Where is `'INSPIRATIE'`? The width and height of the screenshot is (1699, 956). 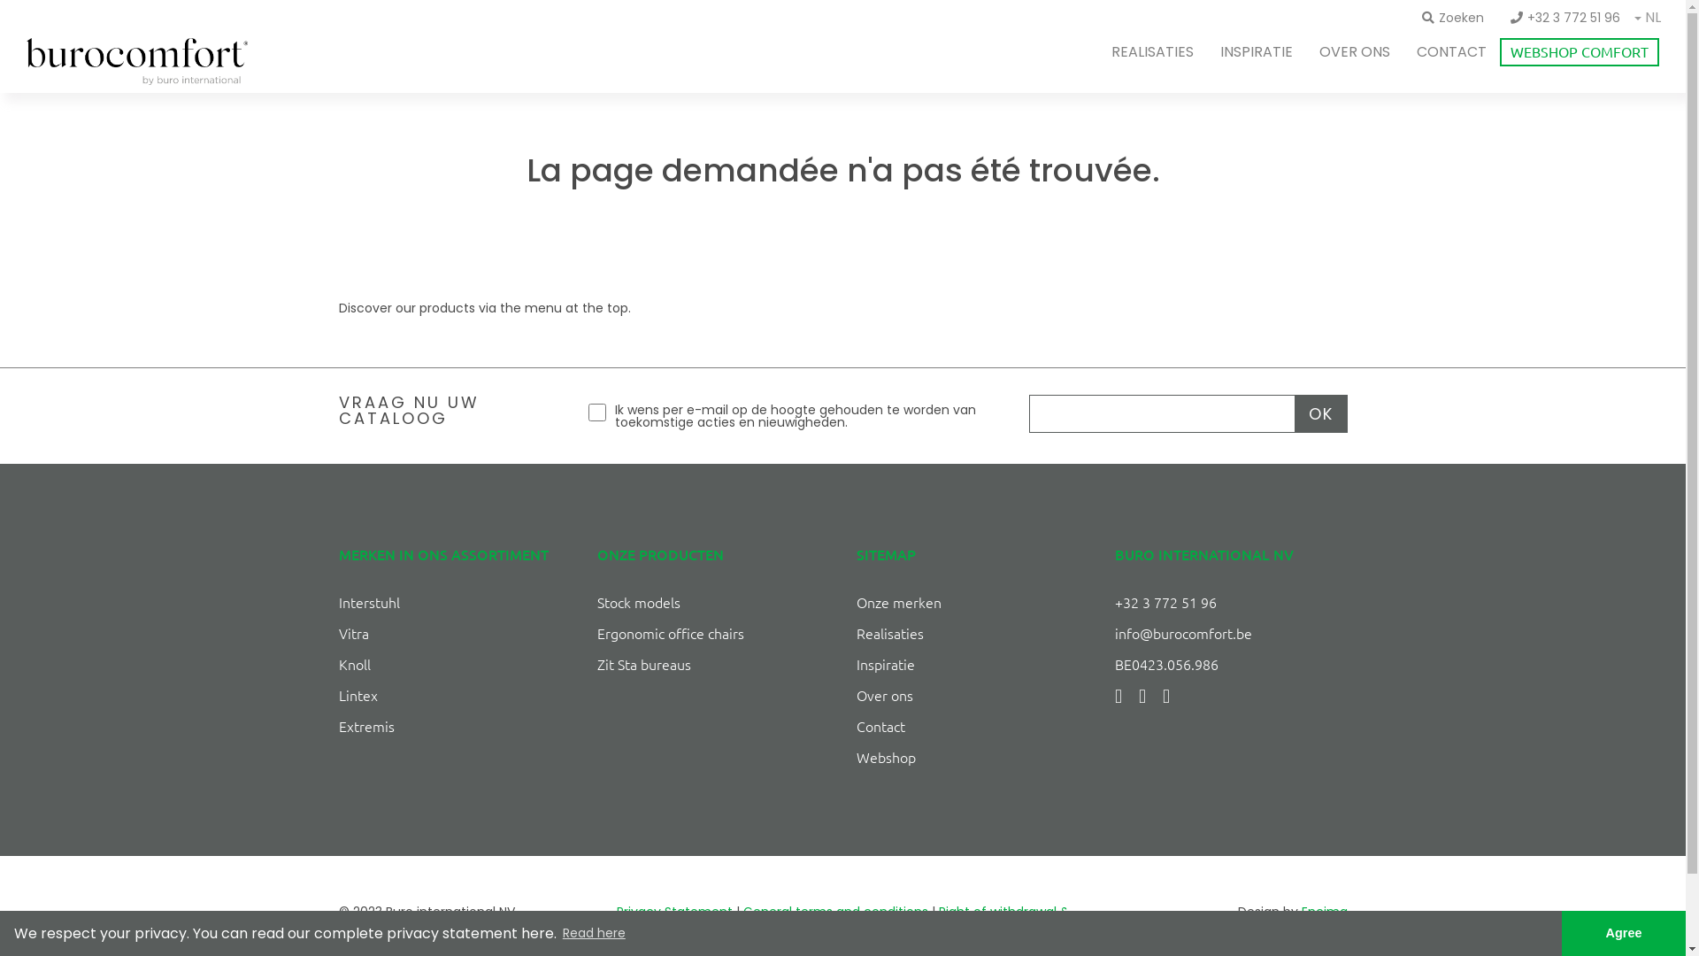
'INSPIRATIE' is located at coordinates (1256, 50).